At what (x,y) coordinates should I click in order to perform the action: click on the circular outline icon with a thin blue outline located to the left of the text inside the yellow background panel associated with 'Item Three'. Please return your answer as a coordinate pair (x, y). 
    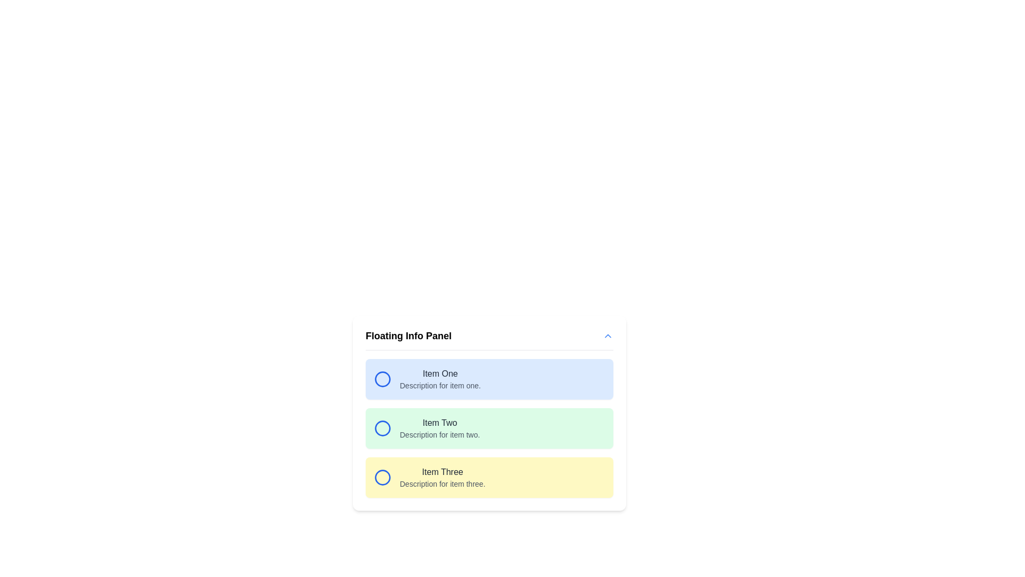
    Looking at the image, I should click on (382, 477).